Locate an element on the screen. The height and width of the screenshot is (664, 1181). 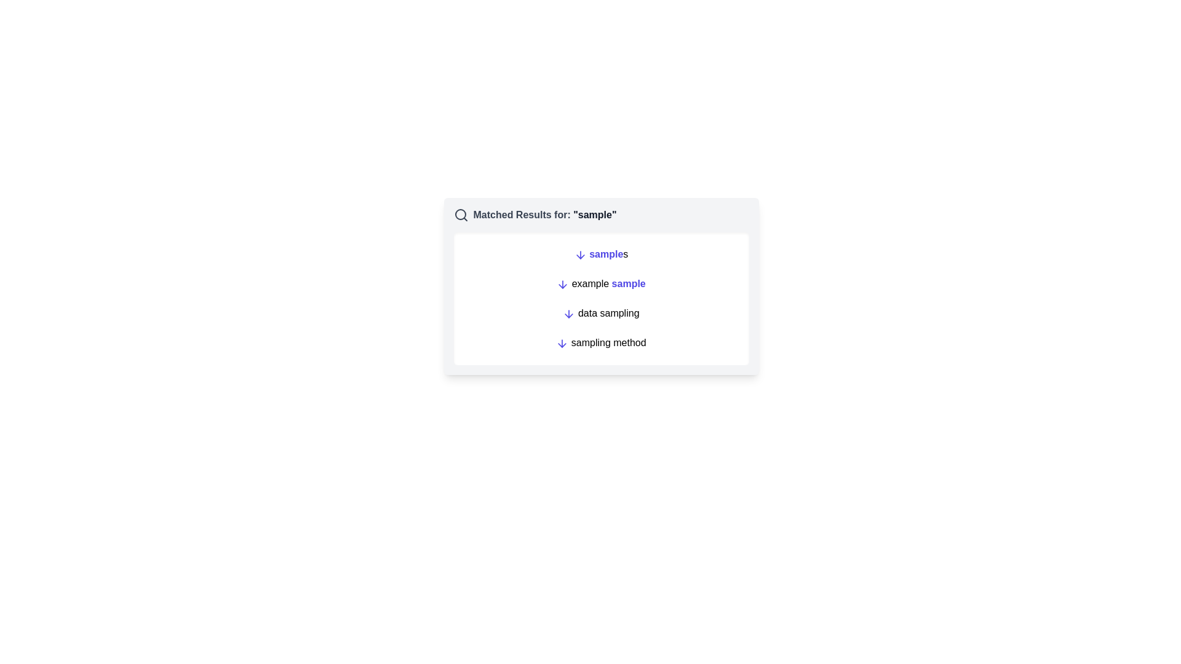
the highlighted text element that displays the searched term 'sample' within the search results is located at coordinates (595, 214).